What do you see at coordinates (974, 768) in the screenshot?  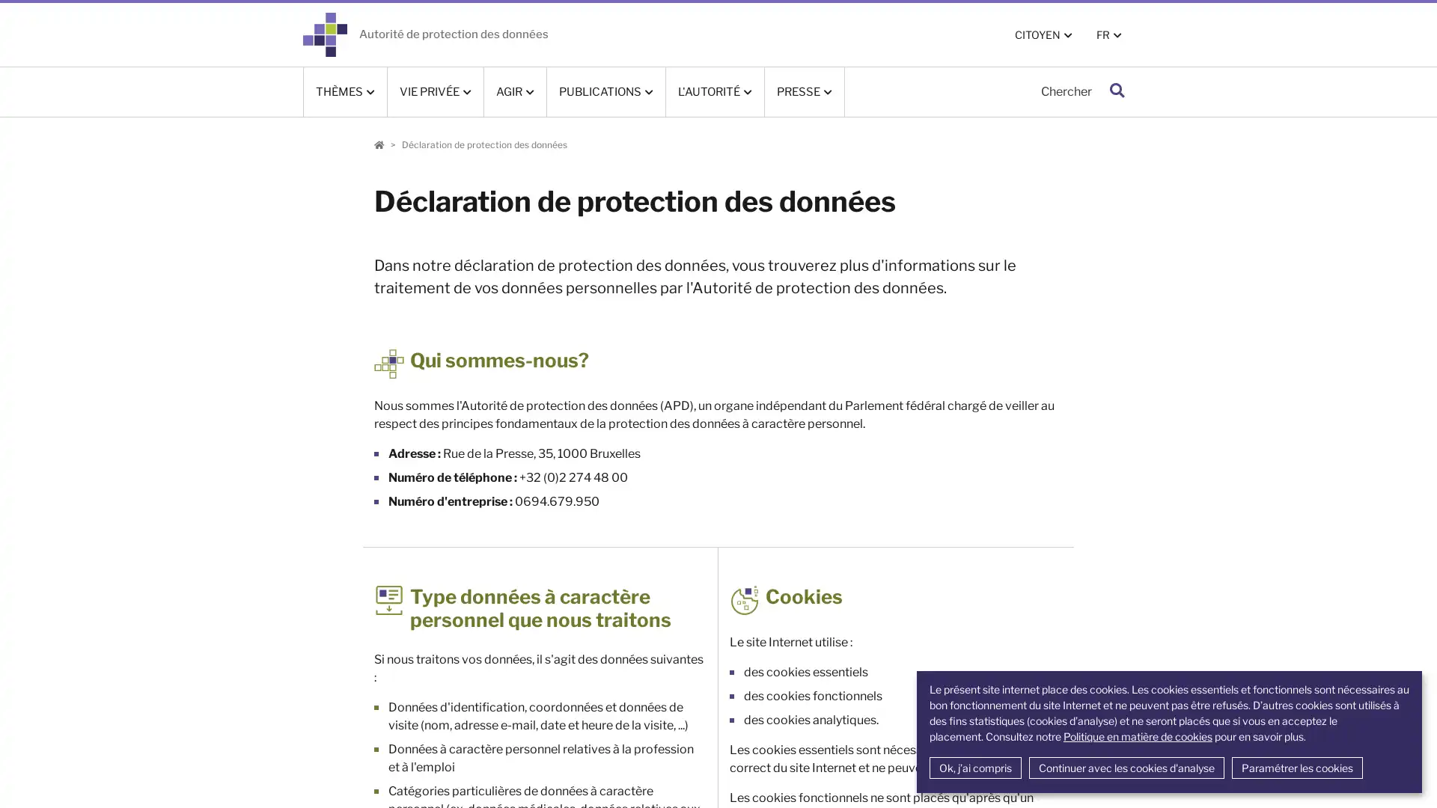 I see `Ok, jai compris` at bounding box center [974, 768].